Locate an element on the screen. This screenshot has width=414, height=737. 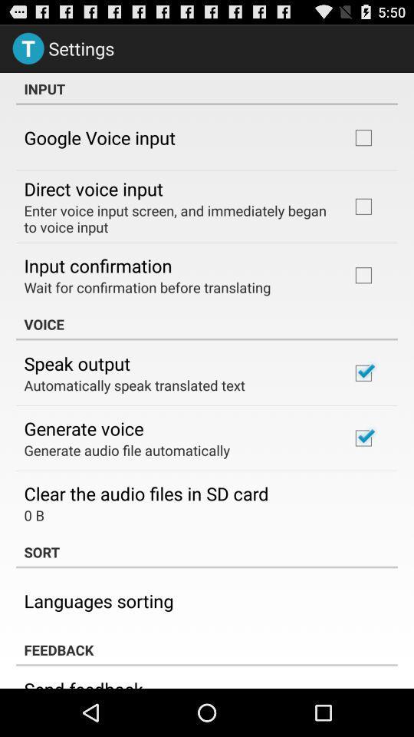
icon below 0 b item is located at coordinates (207, 552).